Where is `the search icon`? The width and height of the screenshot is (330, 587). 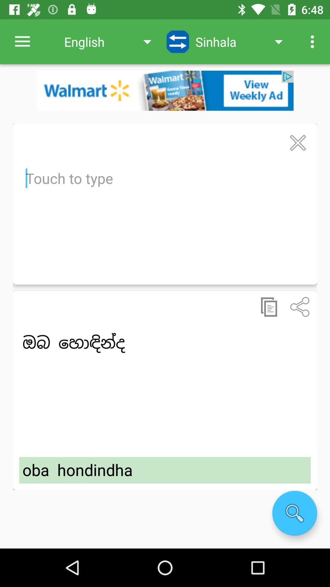 the search icon is located at coordinates (294, 513).